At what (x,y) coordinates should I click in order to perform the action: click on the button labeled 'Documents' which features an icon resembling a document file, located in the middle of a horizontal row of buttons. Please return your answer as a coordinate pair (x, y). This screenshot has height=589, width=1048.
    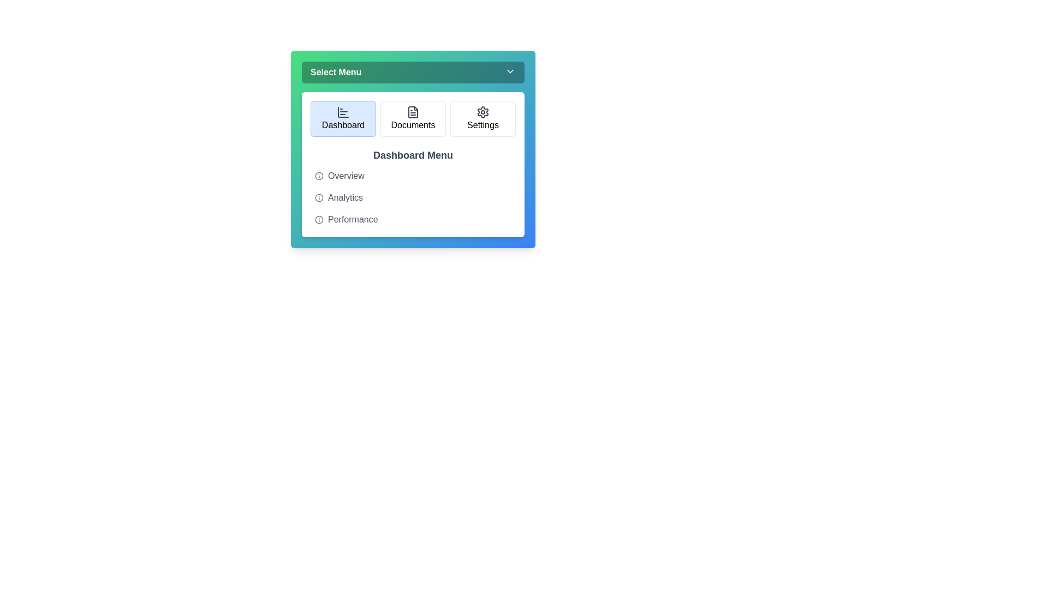
    Looking at the image, I should click on (413, 119).